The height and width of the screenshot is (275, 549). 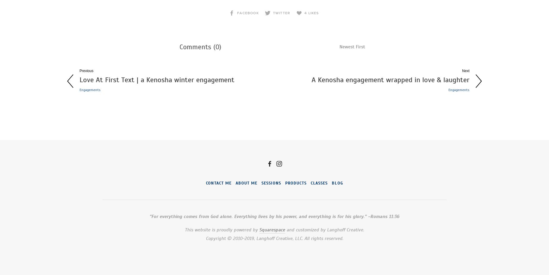 I want to click on 'Comments (0)', so click(x=200, y=47).